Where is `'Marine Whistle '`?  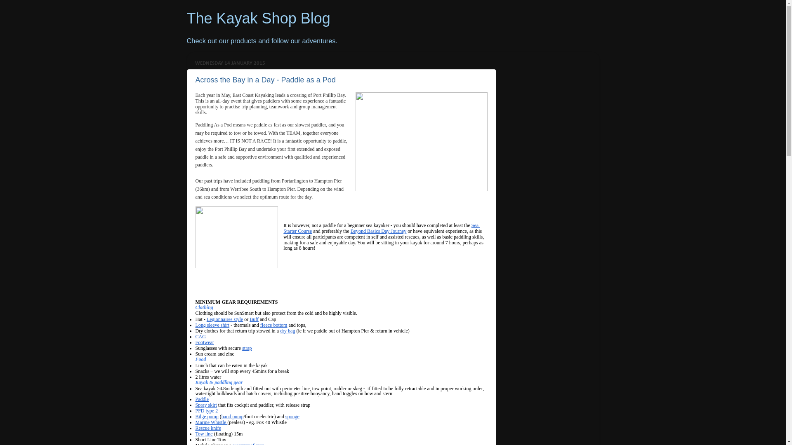
'Marine Whistle ' is located at coordinates (212, 422).